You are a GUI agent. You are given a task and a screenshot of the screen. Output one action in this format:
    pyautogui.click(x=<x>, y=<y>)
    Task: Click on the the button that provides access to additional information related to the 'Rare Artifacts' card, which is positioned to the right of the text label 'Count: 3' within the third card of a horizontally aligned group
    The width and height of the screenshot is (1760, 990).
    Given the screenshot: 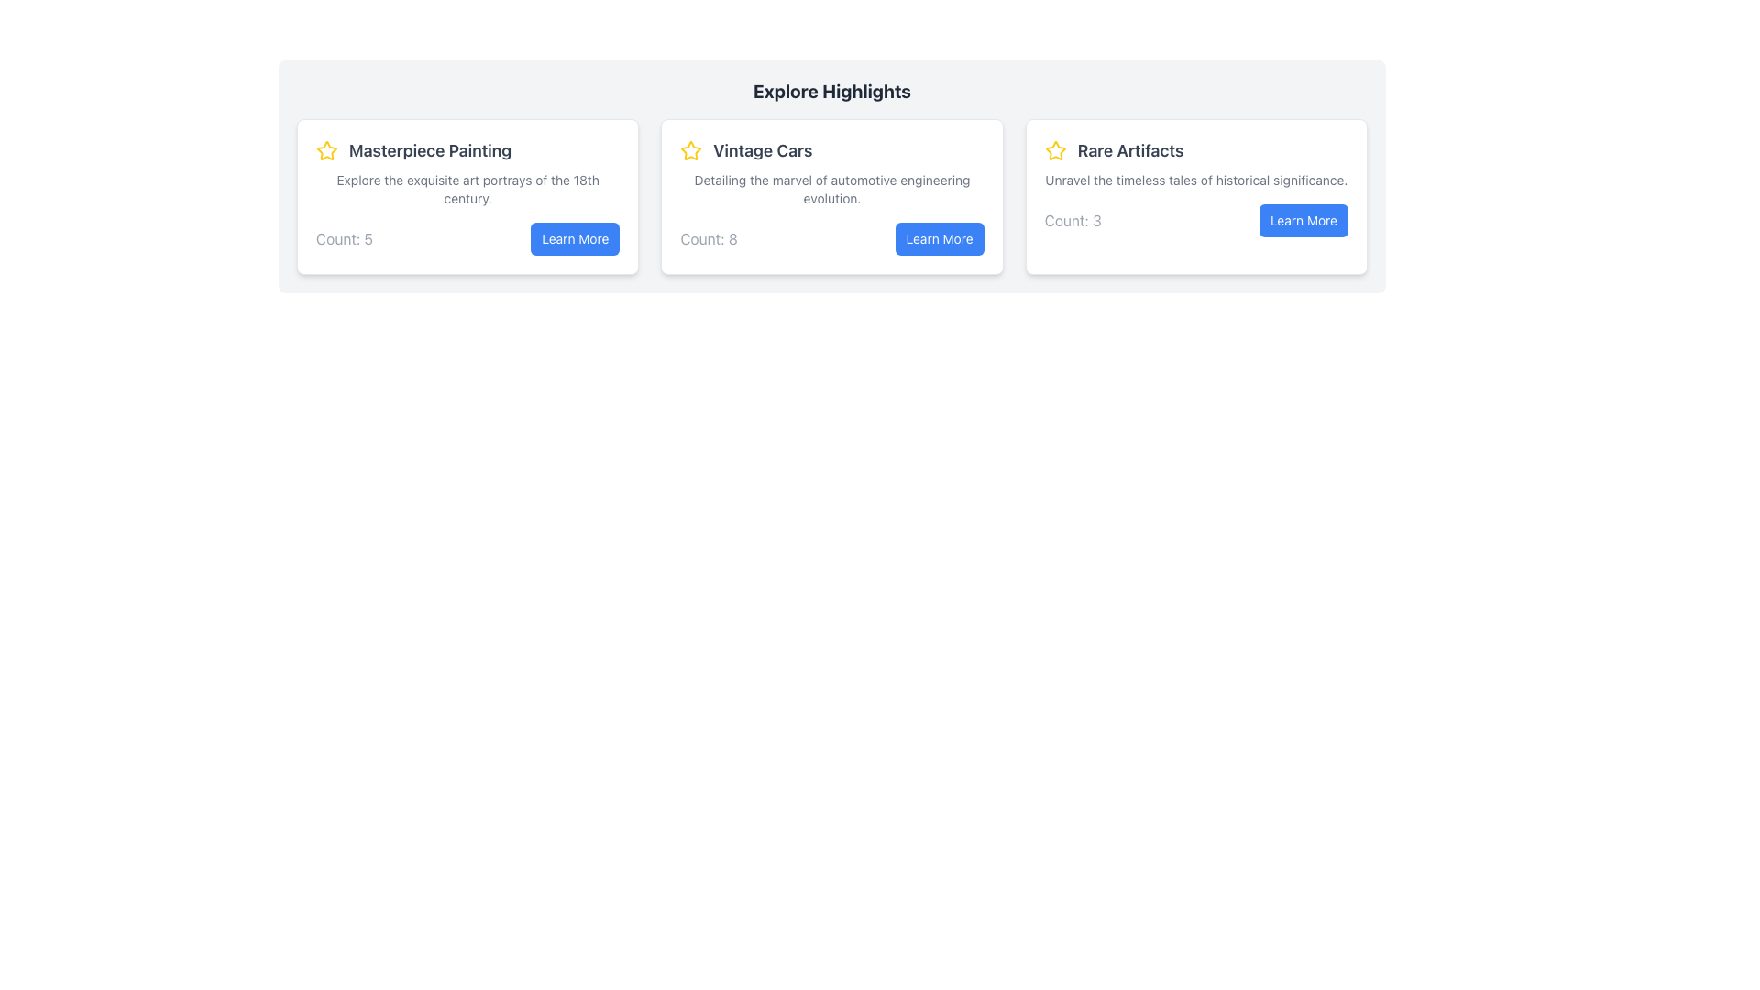 What is the action you would take?
    pyautogui.click(x=1303, y=219)
    